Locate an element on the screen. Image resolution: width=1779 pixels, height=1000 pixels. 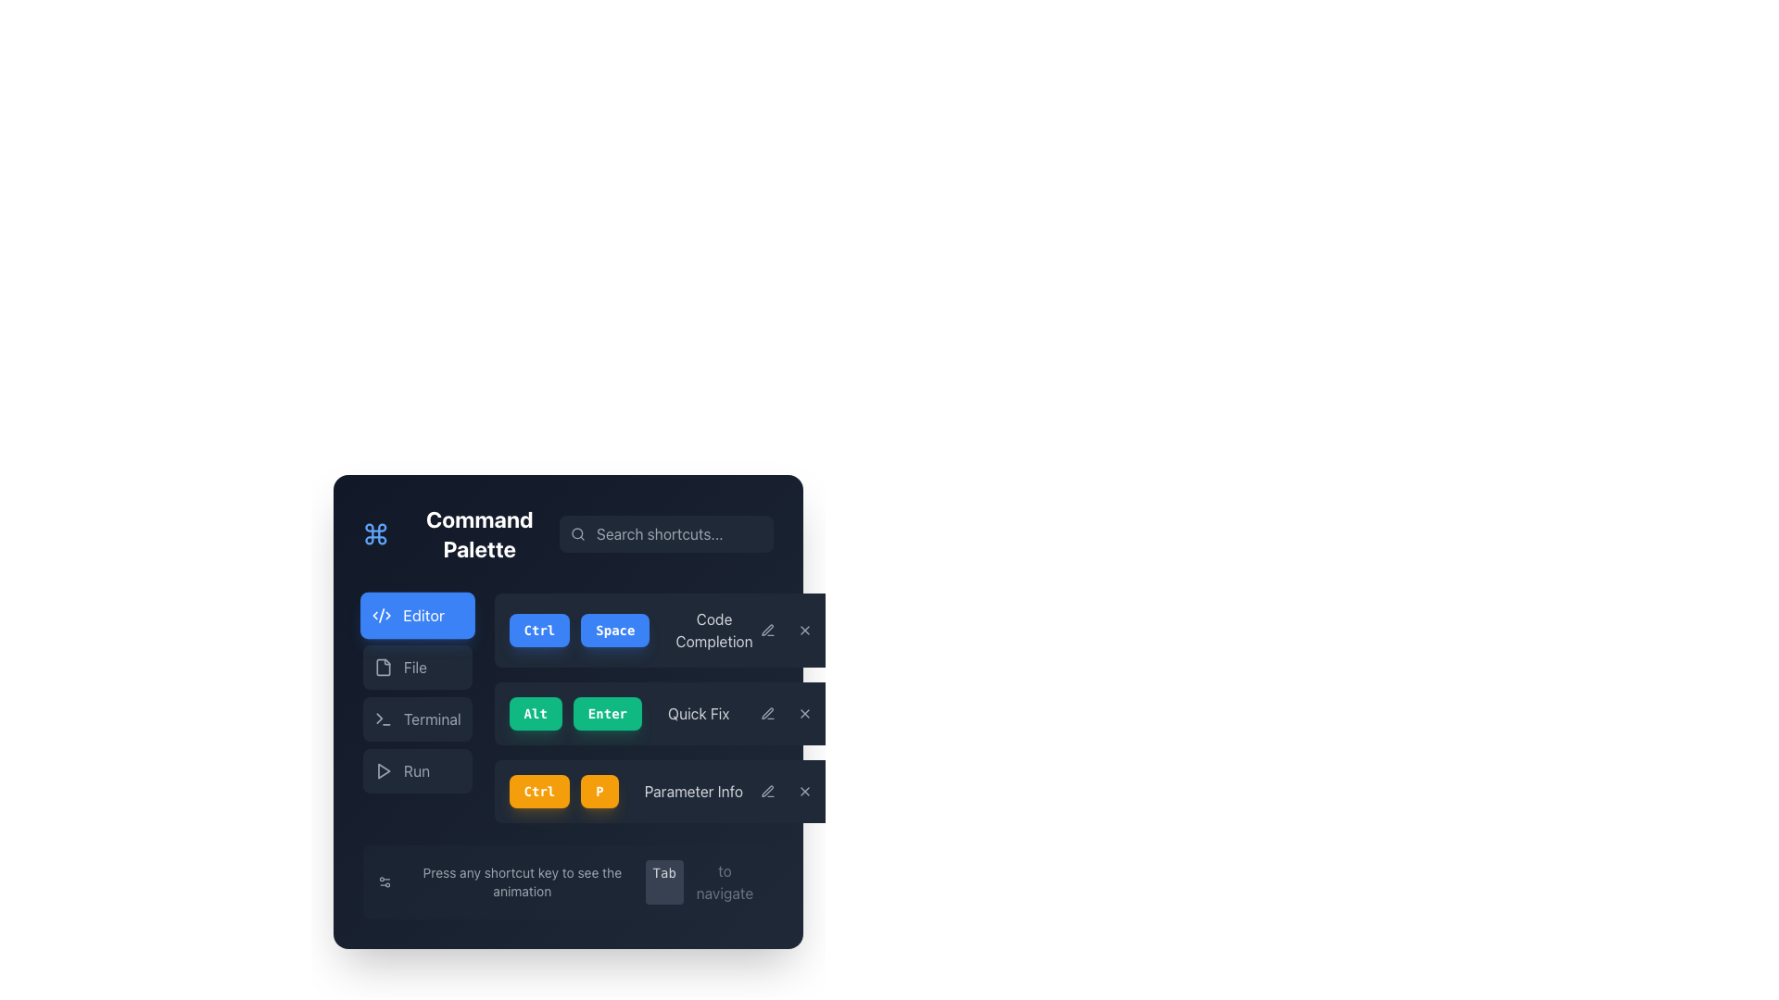
the text label that displays 'Code Completion', styled with gray color, located to the right of the blue buttons labeled 'Ctrl' and 'Space' is located at coordinates (713, 630).